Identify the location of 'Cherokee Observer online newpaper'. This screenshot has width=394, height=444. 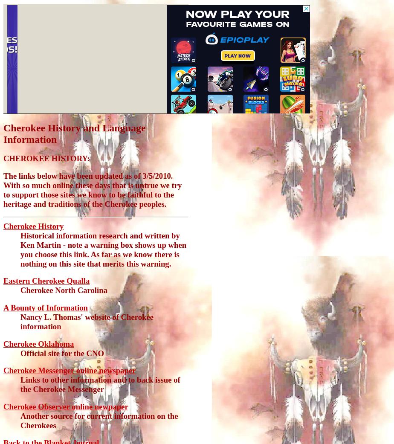
(66, 406).